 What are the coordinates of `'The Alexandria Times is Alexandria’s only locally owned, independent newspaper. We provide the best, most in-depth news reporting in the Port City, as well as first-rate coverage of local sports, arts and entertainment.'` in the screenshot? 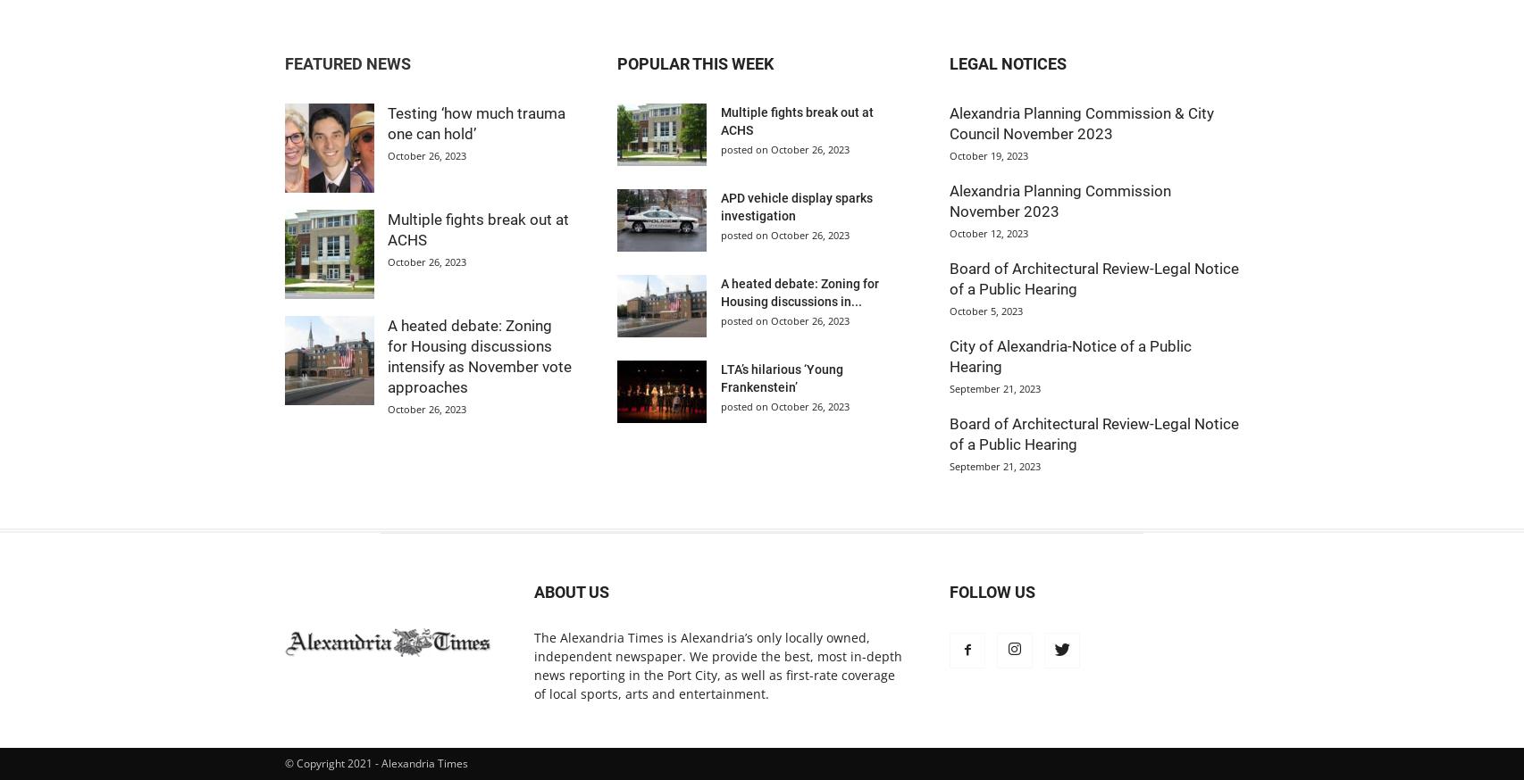 It's located at (717, 664).